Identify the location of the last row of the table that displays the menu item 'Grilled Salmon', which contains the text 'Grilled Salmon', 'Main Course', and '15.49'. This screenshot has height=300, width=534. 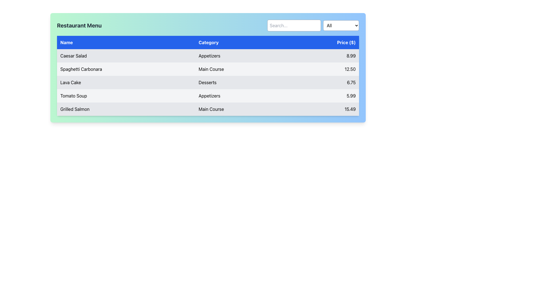
(208, 109).